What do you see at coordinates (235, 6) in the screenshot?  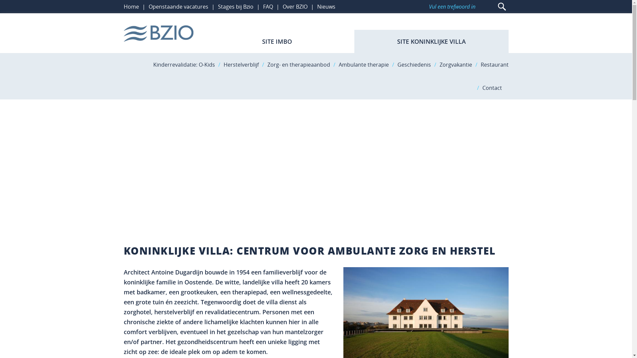 I see `'Stages bij Bzio'` at bounding box center [235, 6].